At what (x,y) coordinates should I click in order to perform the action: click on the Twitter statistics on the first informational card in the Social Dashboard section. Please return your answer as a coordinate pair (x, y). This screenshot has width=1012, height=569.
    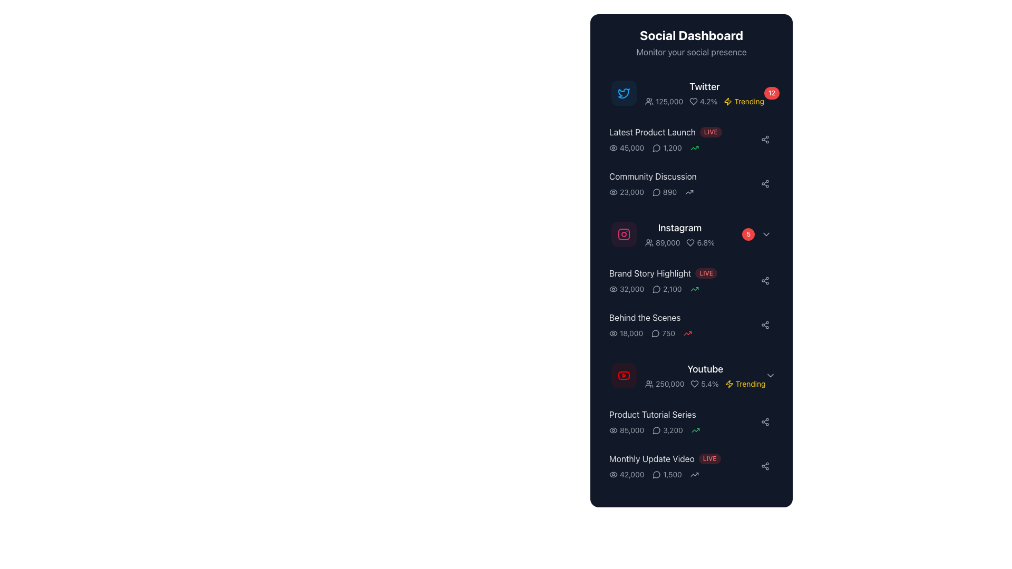
    Looking at the image, I should click on (691, 93).